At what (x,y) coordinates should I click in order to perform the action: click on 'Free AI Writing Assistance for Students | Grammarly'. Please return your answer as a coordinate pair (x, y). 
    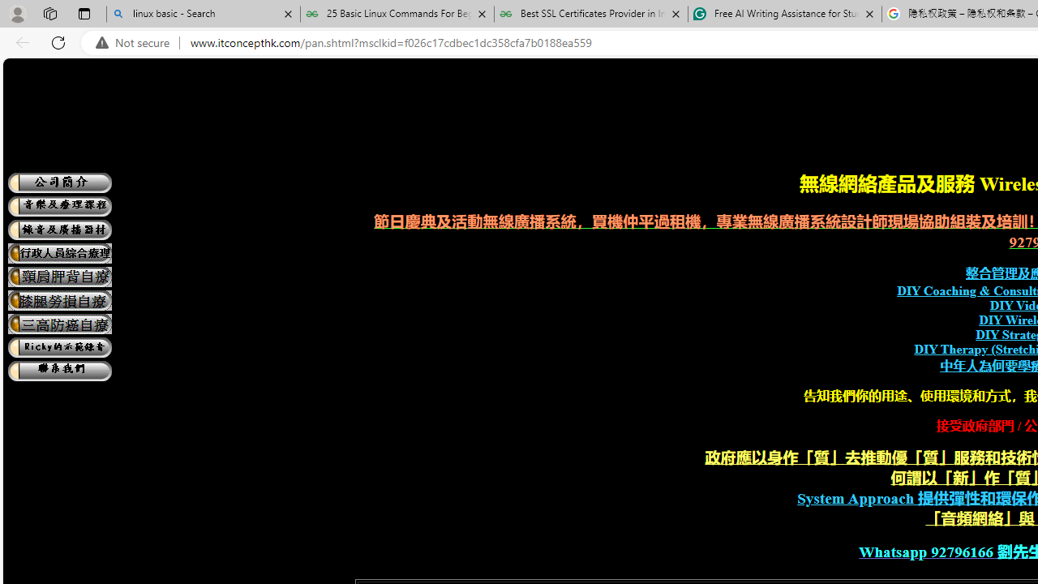
    Looking at the image, I should click on (784, 14).